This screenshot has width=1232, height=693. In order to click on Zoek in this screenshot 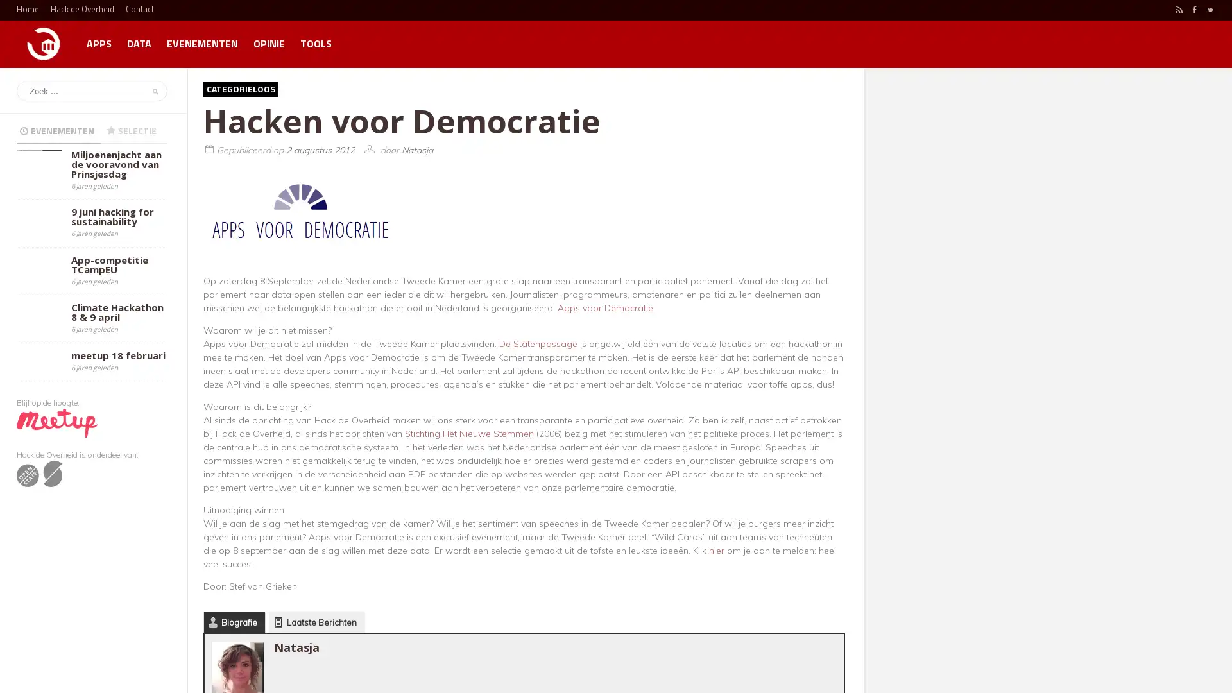, I will do `click(153, 90)`.